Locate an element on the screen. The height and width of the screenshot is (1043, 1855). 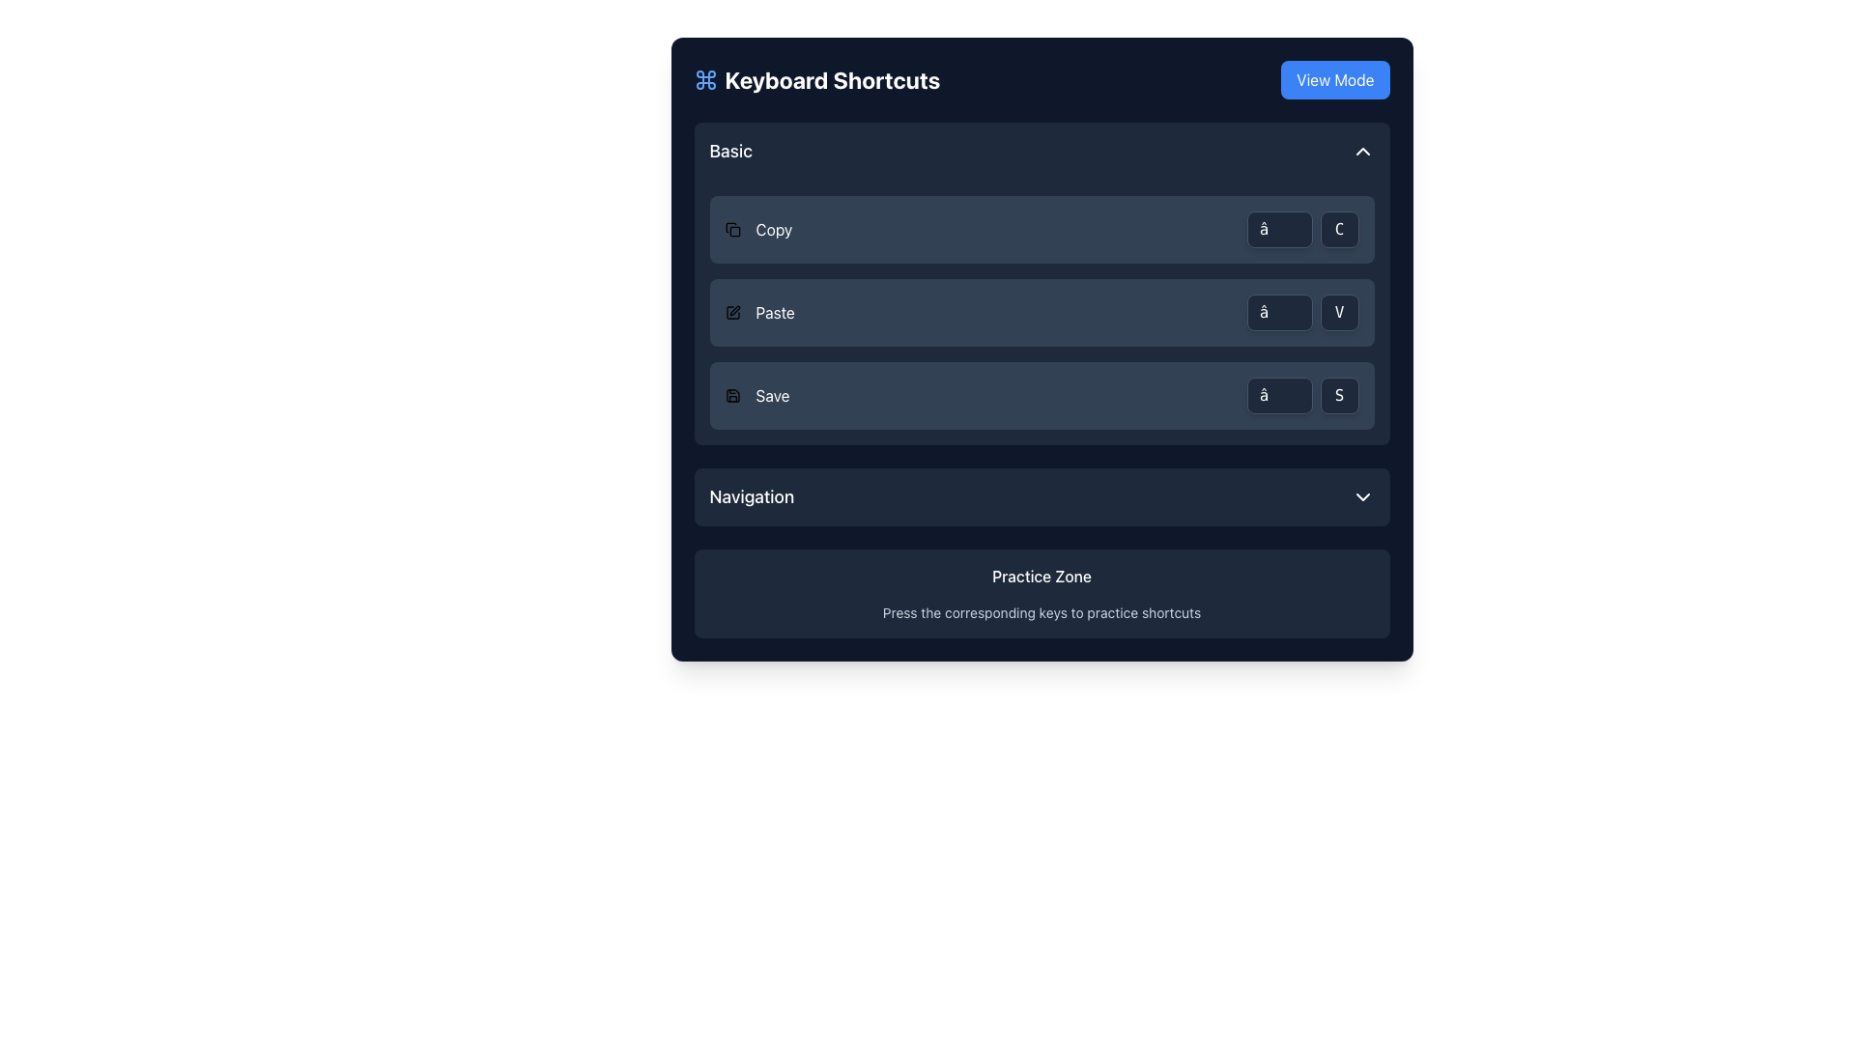
the Collapsible menu header at the top of the 'Keyboard Shortcuts' list is located at coordinates (1041, 151).